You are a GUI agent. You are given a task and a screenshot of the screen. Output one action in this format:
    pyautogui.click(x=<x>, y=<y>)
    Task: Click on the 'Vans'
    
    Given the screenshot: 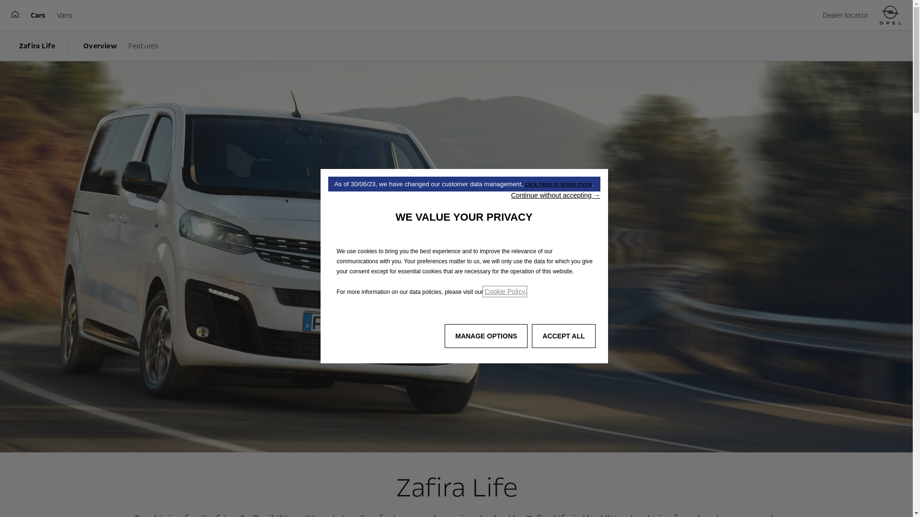 What is the action you would take?
    pyautogui.click(x=64, y=15)
    